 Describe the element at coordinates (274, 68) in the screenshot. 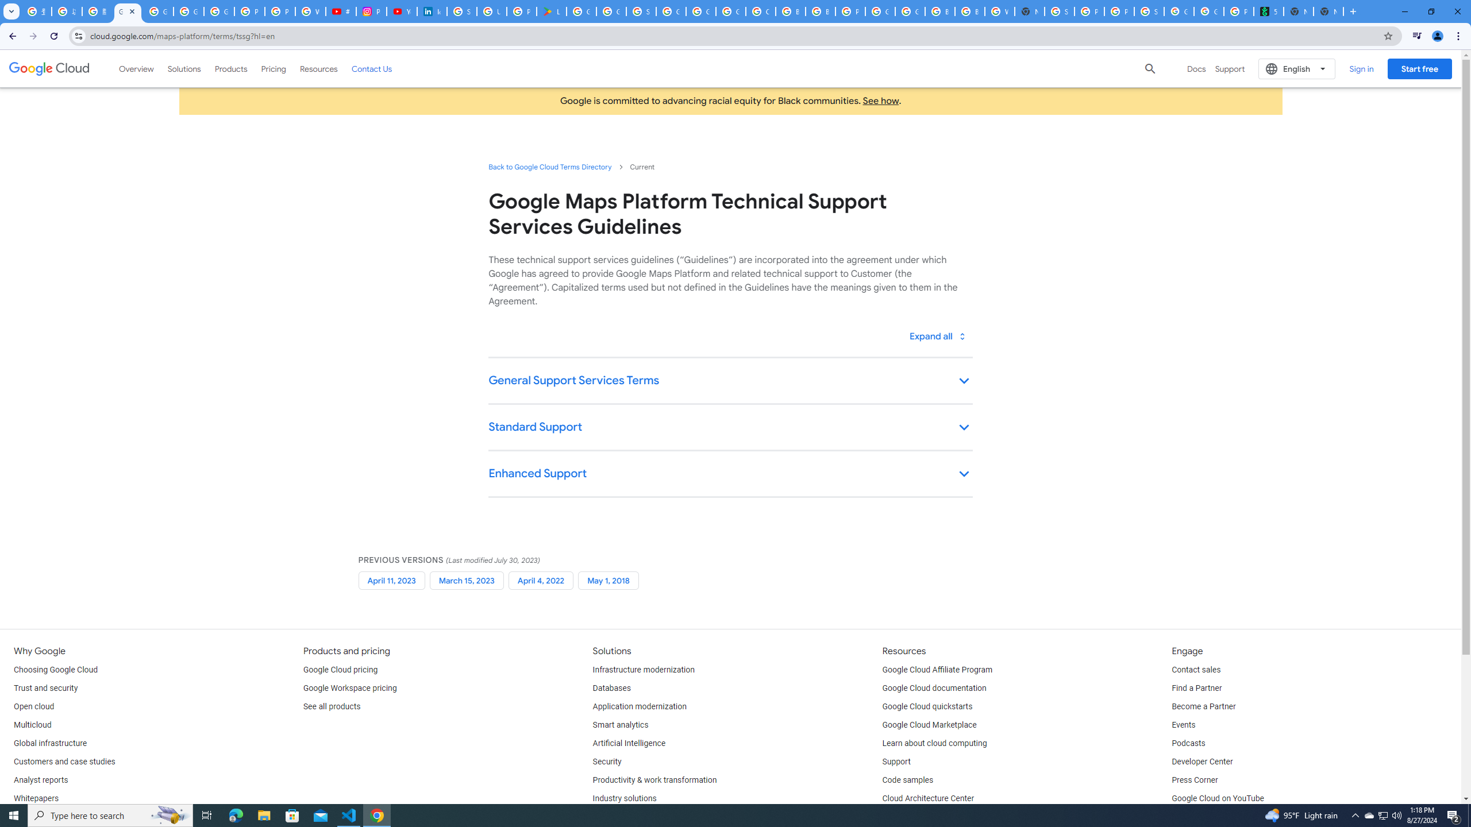

I see `'Pricing'` at that location.